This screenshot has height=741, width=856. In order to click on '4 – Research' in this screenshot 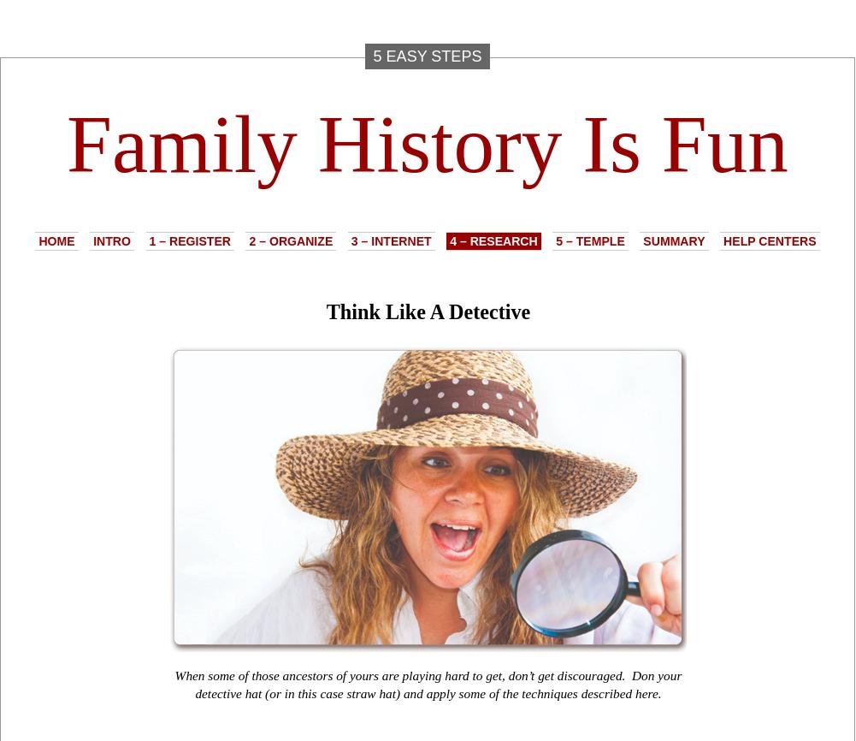, I will do `click(493, 240)`.